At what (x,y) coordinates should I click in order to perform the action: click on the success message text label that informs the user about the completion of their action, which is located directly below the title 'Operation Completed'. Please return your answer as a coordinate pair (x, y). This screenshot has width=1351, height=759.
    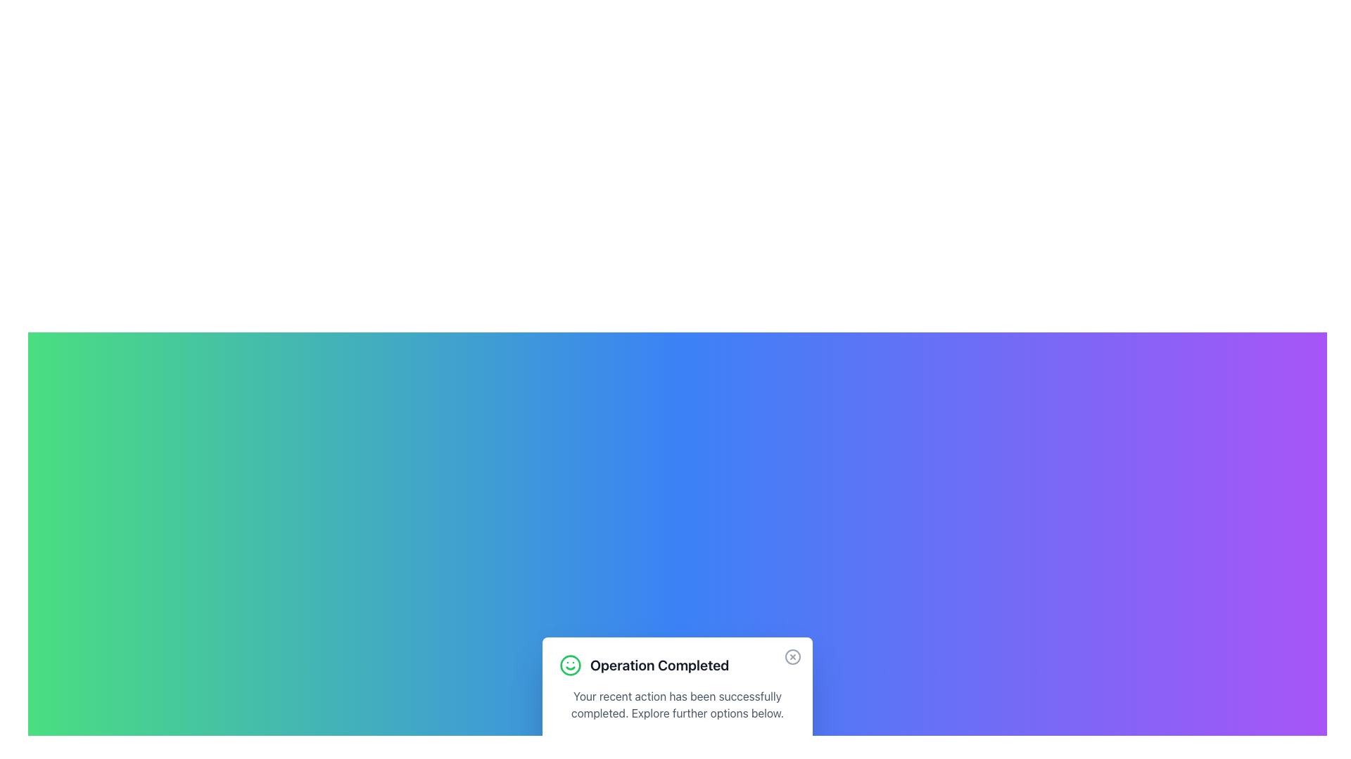
    Looking at the image, I should click on (678, 704).